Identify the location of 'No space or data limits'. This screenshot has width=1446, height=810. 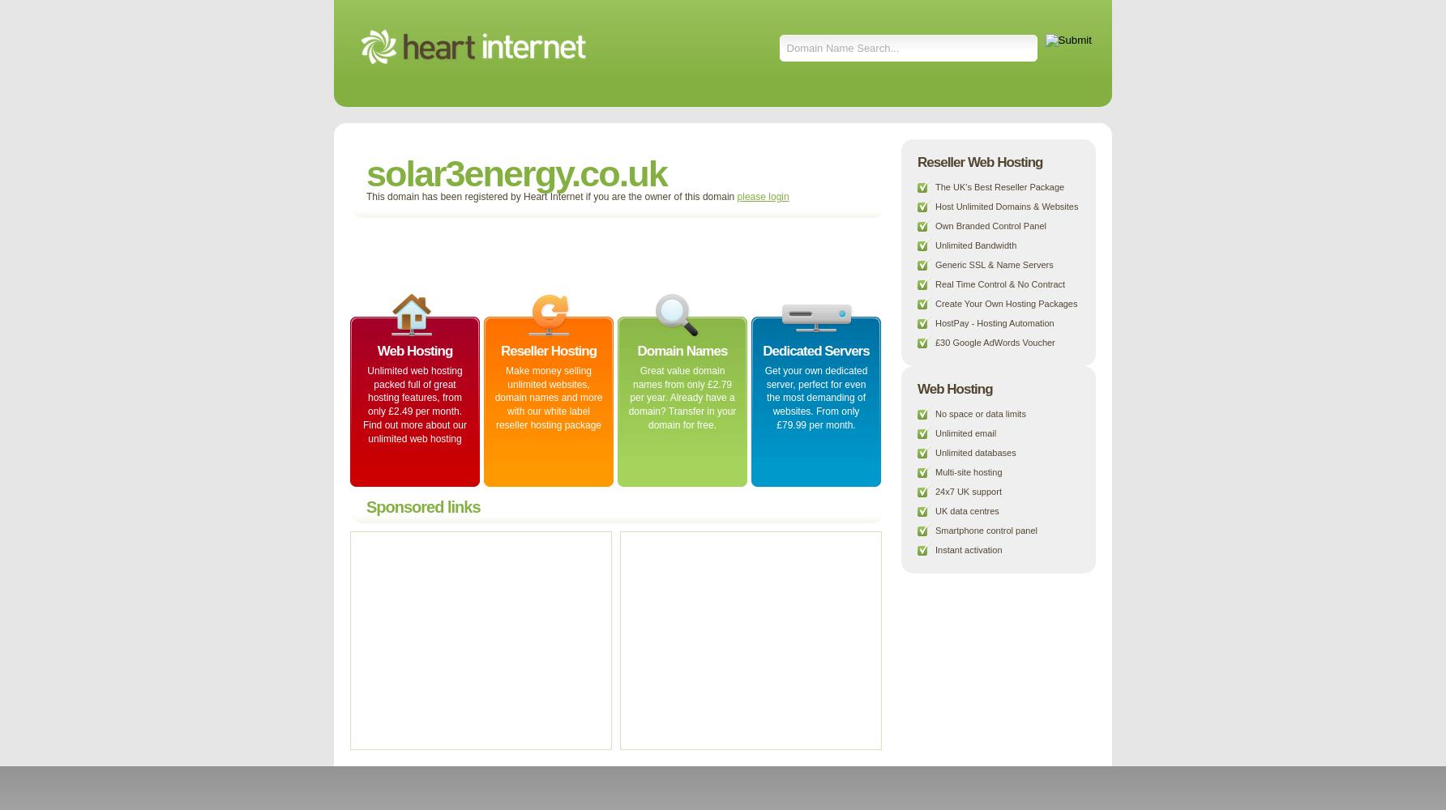
(980, 414).